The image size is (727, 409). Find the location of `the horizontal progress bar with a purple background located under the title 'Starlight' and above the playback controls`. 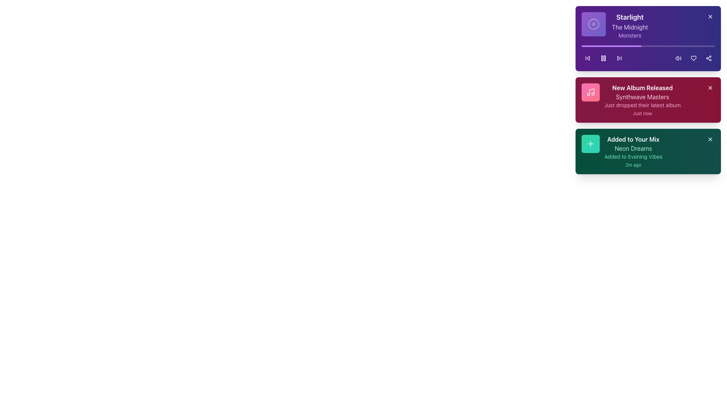

the horizontal progress bar with a purple background located under the title 'Starlight' and above the playback controls is located at coordinates (612, 46).